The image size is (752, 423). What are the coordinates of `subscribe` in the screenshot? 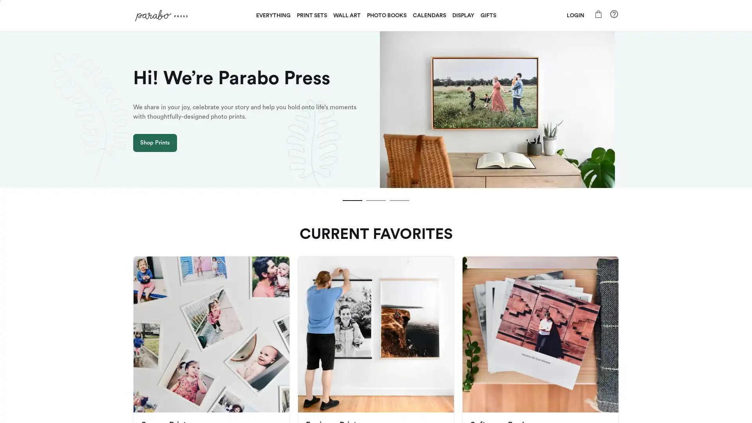 It's located at (430, 302).